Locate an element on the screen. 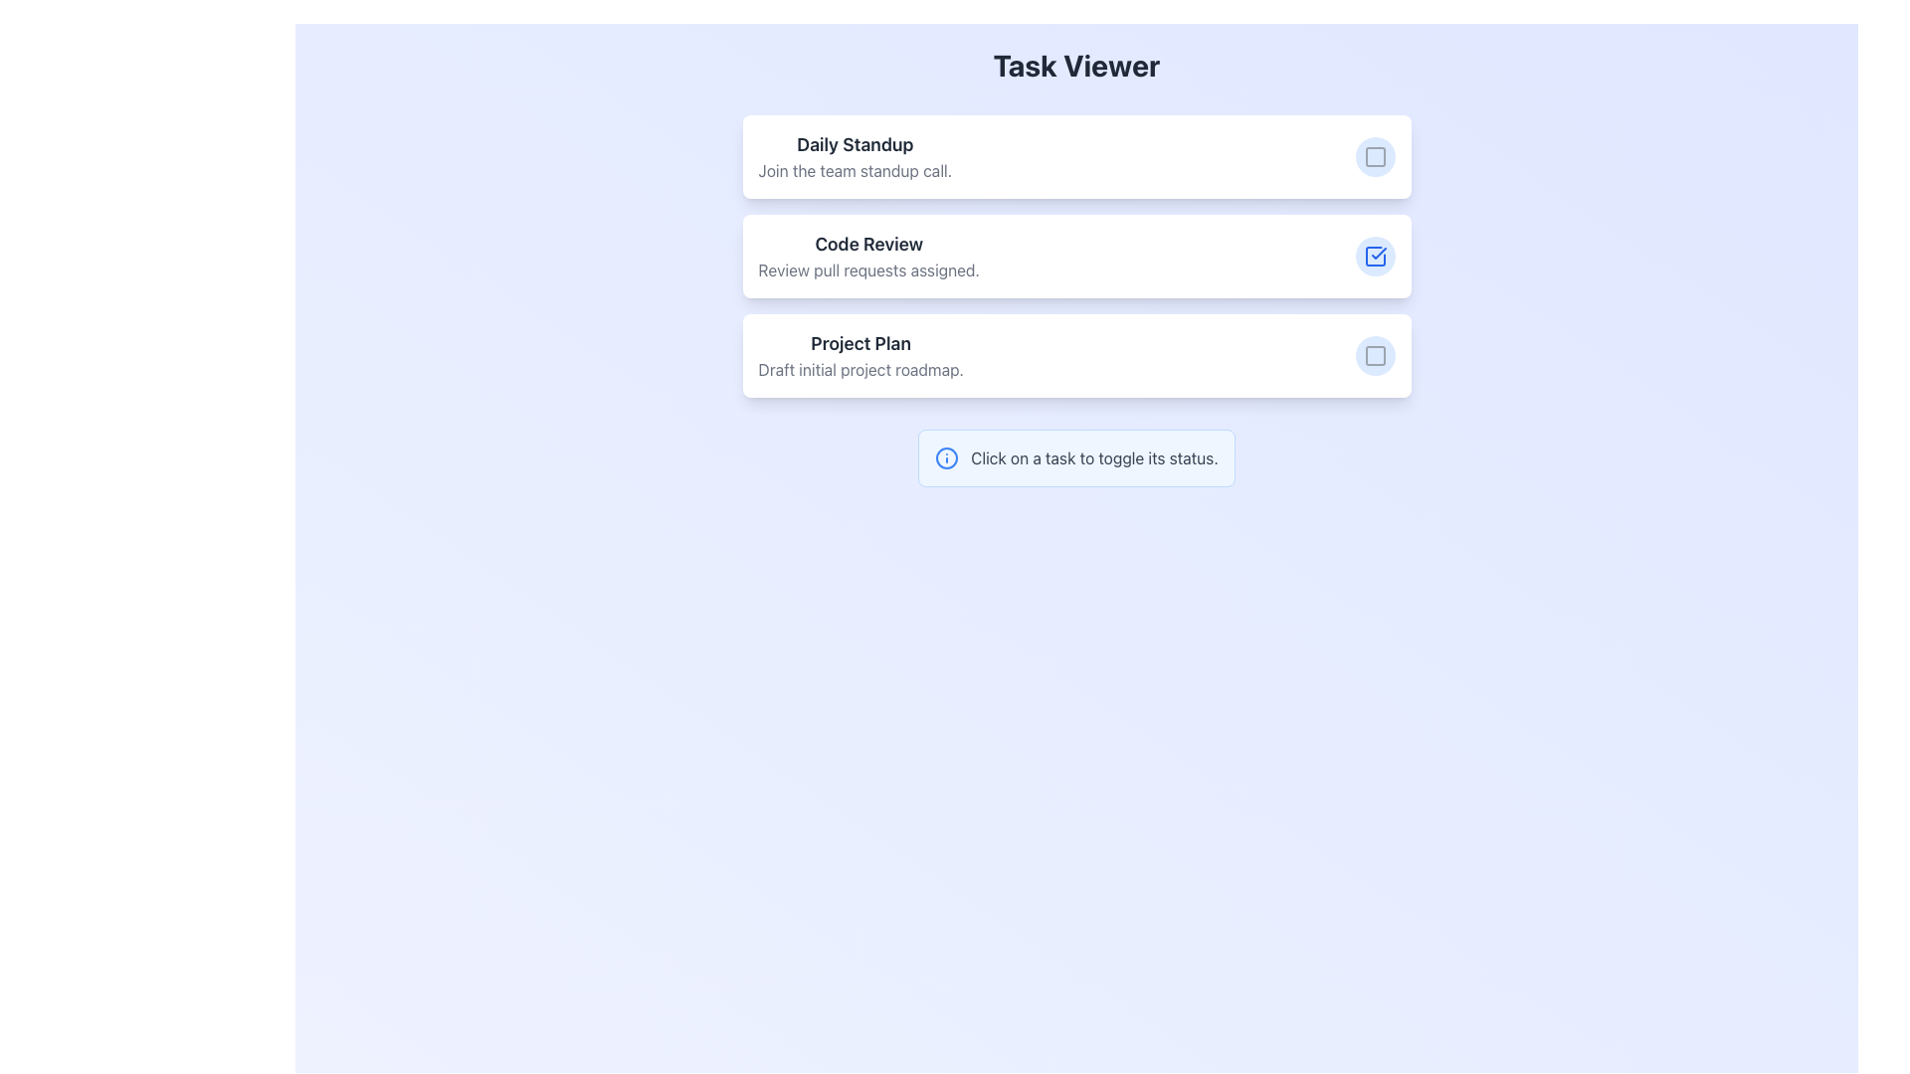 Image resolution: width=1910 pixels, height=1074 pixels. the text block displaying 'Code Review' and 'Review pull requests assigned.' which is the second task entry in the vertically arranged list of tasks is located at coordinates (868, 256).